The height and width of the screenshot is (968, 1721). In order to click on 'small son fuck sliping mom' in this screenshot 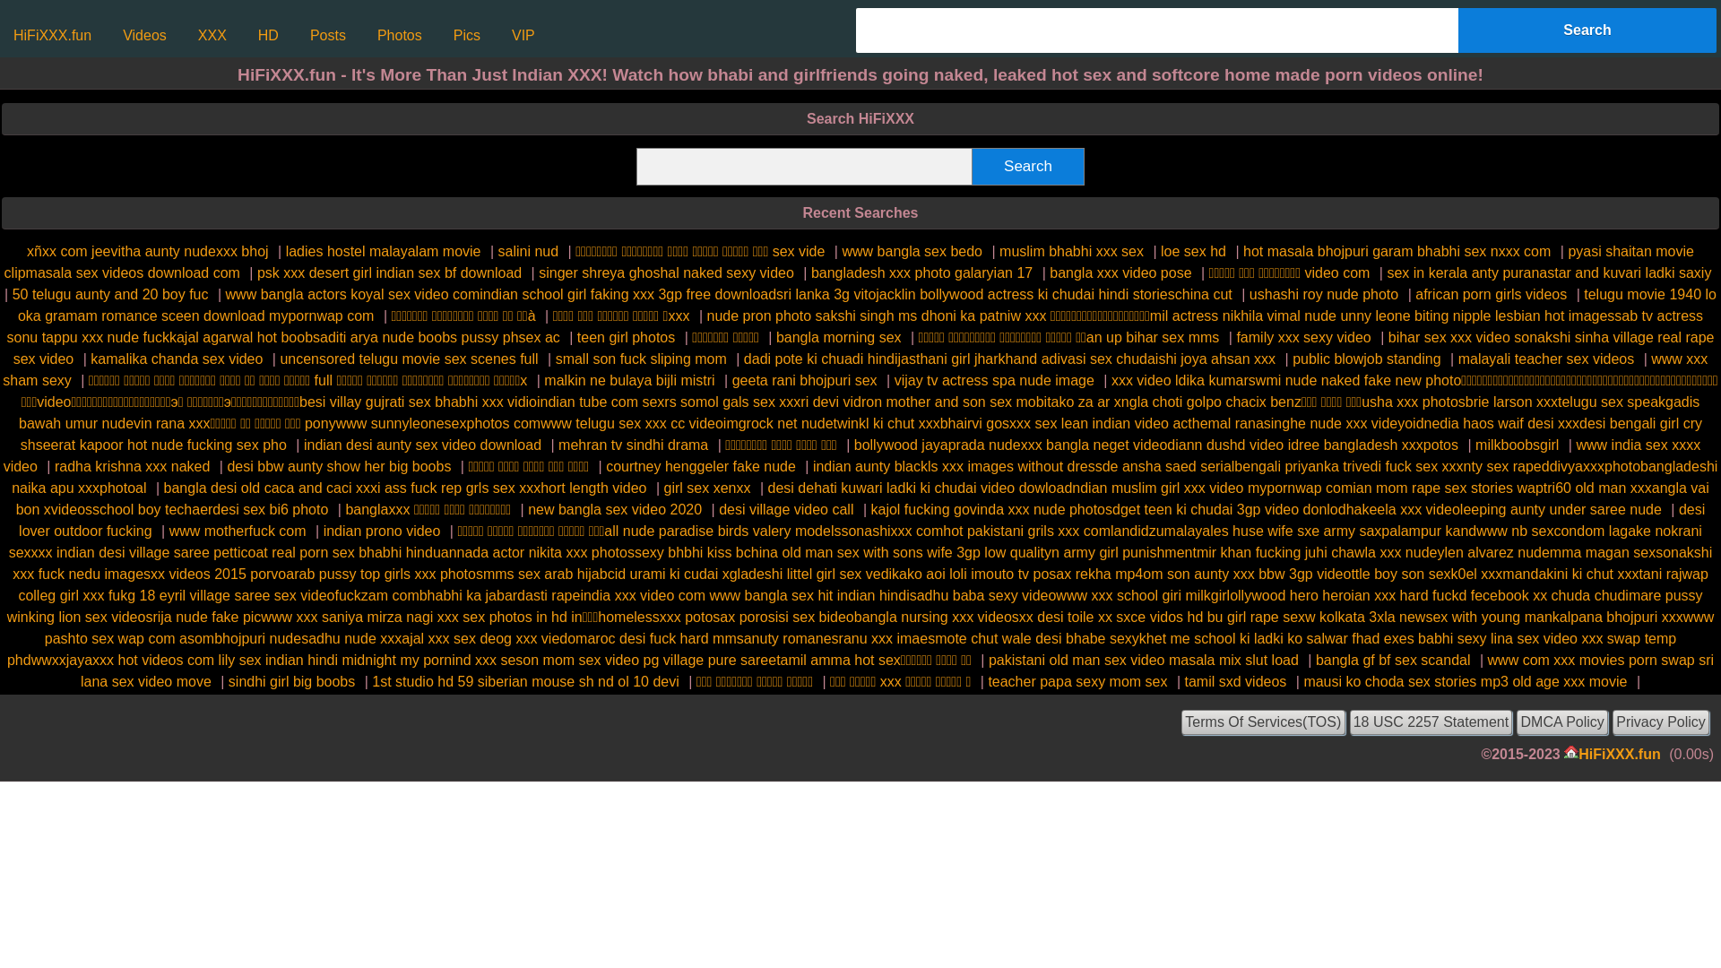, I will do `click(641, 359)`.